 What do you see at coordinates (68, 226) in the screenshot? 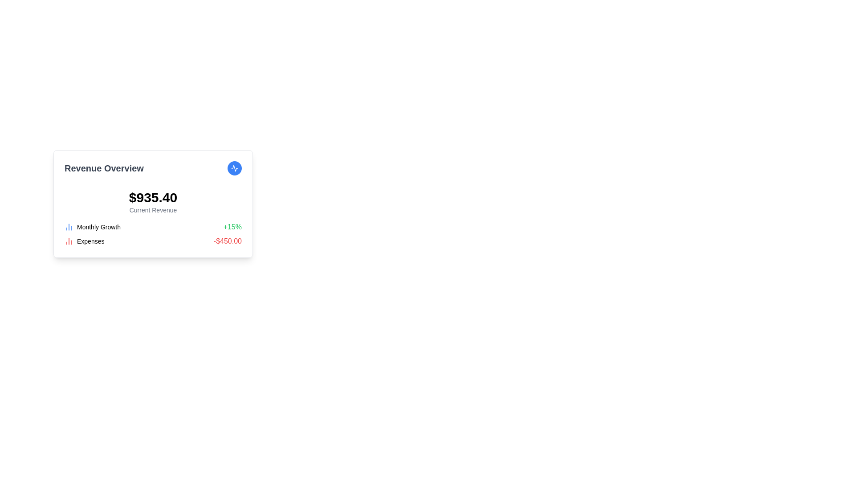
I see `the decorative icon representing the data metric for 'Monthly Growth', located to the left of the text and percentage` at bounding box center [68, 226].